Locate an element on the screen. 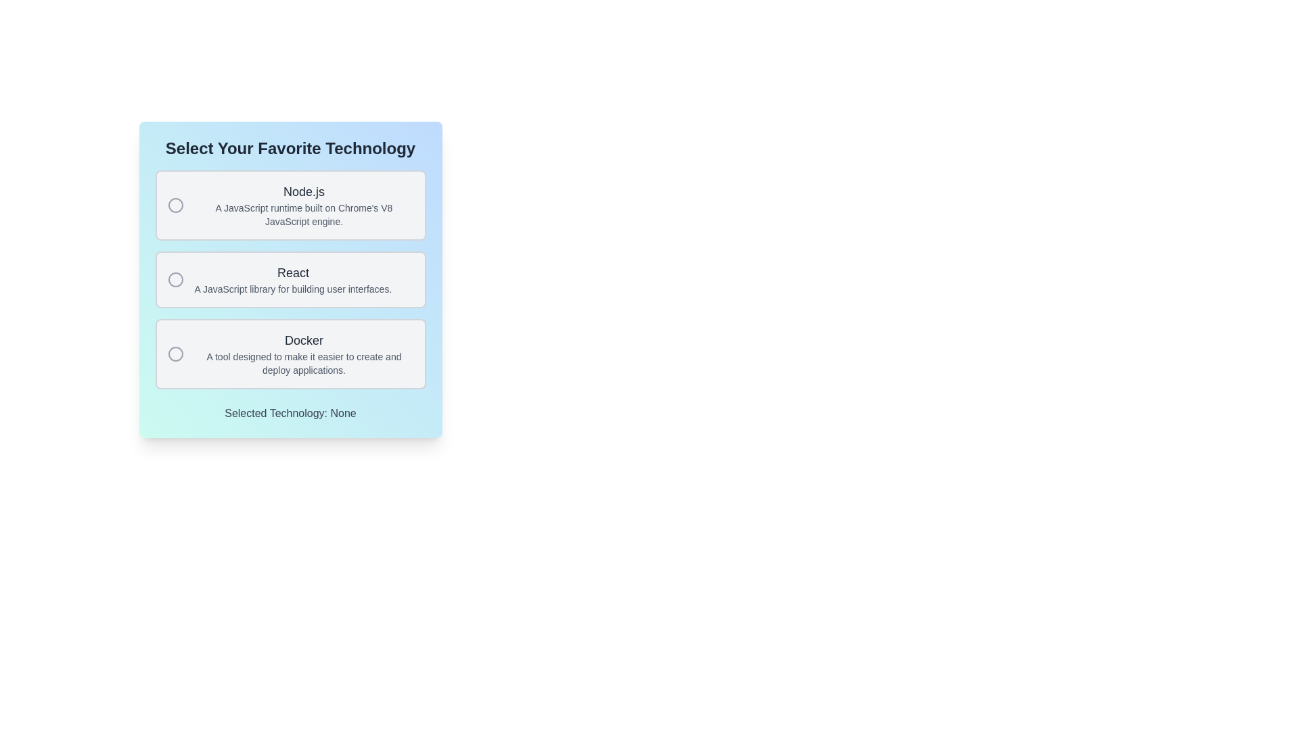 The image size is (1299, 730). the circular radio button styled element located within the second option labeled 'React' is located at coordinates (175, 278).